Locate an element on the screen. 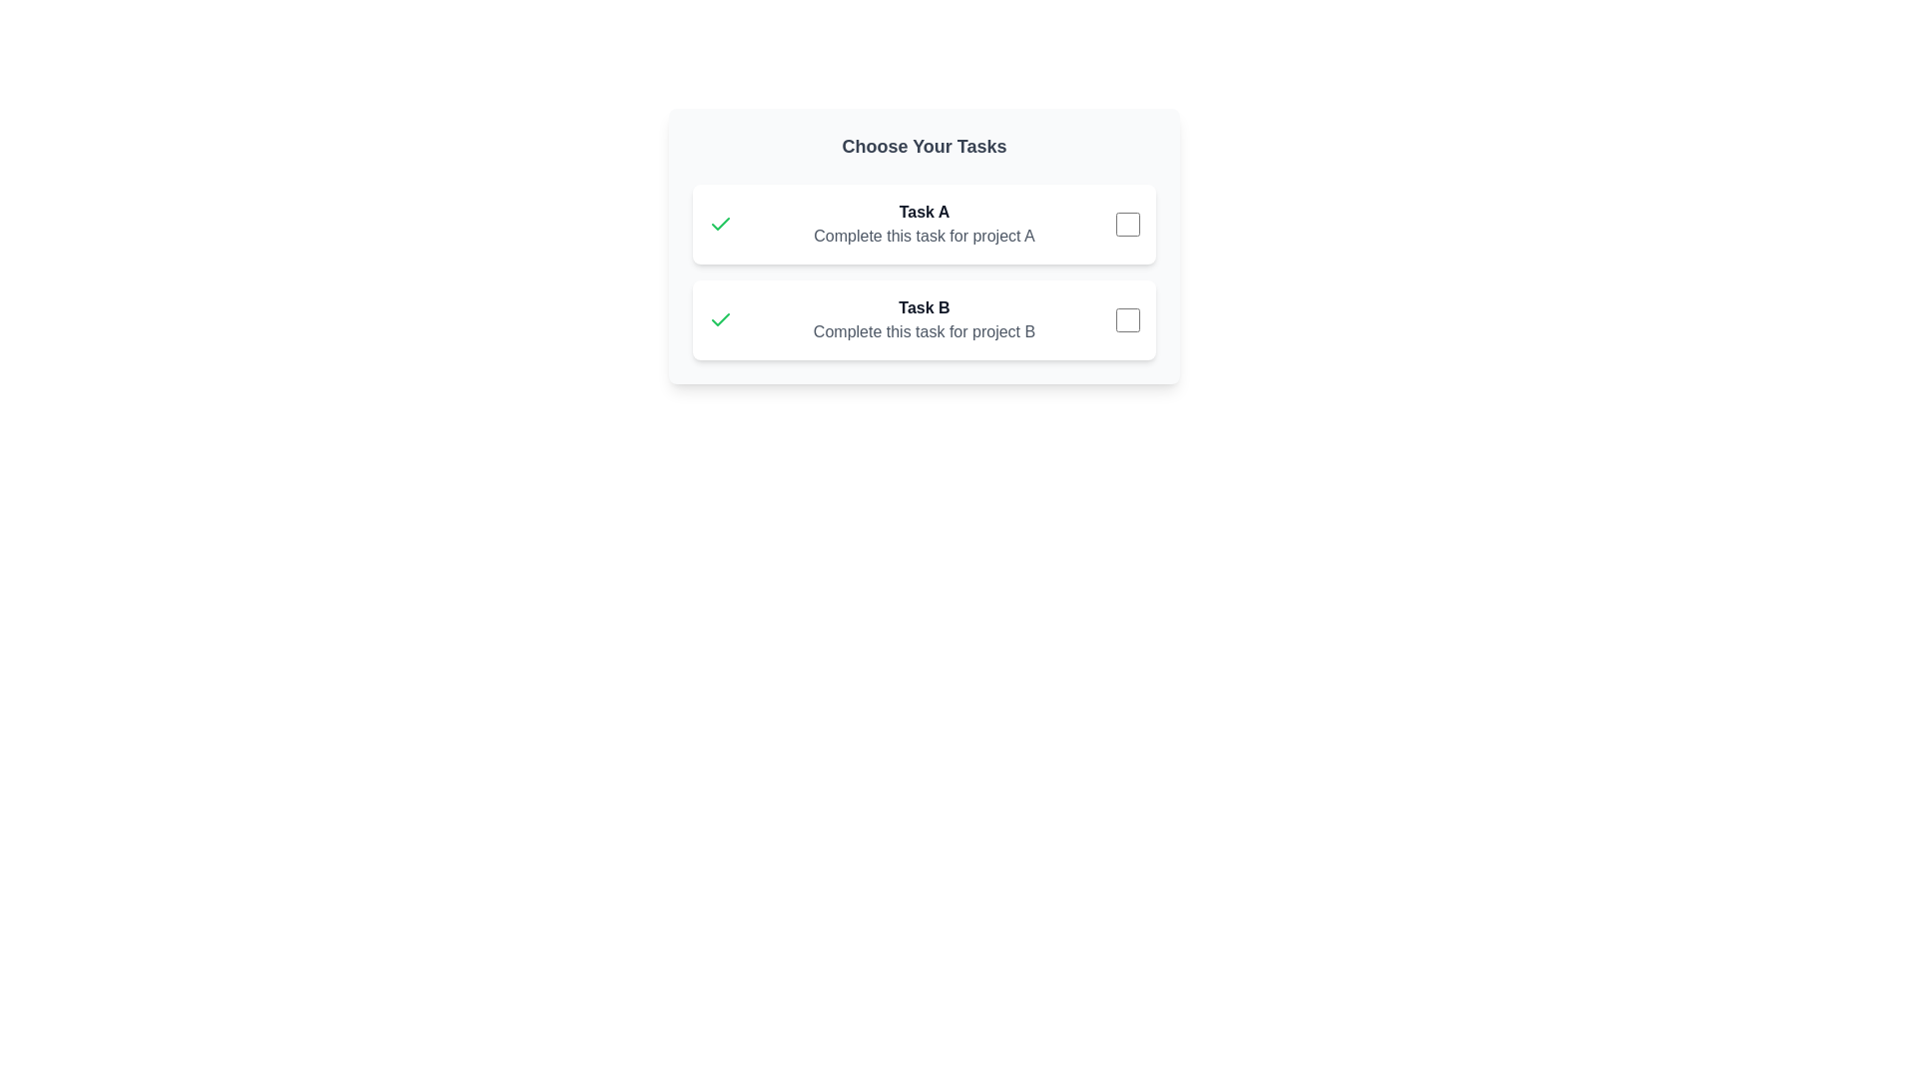 The width and height of the screenshot is (1917, 1078). the text label displaying the title and description of 'Task A' assigned to 'project A', located in the upper section of the task card, positioned to the right of the green tick icon and to the left of a checkbox is located at coordinates (924, 224).